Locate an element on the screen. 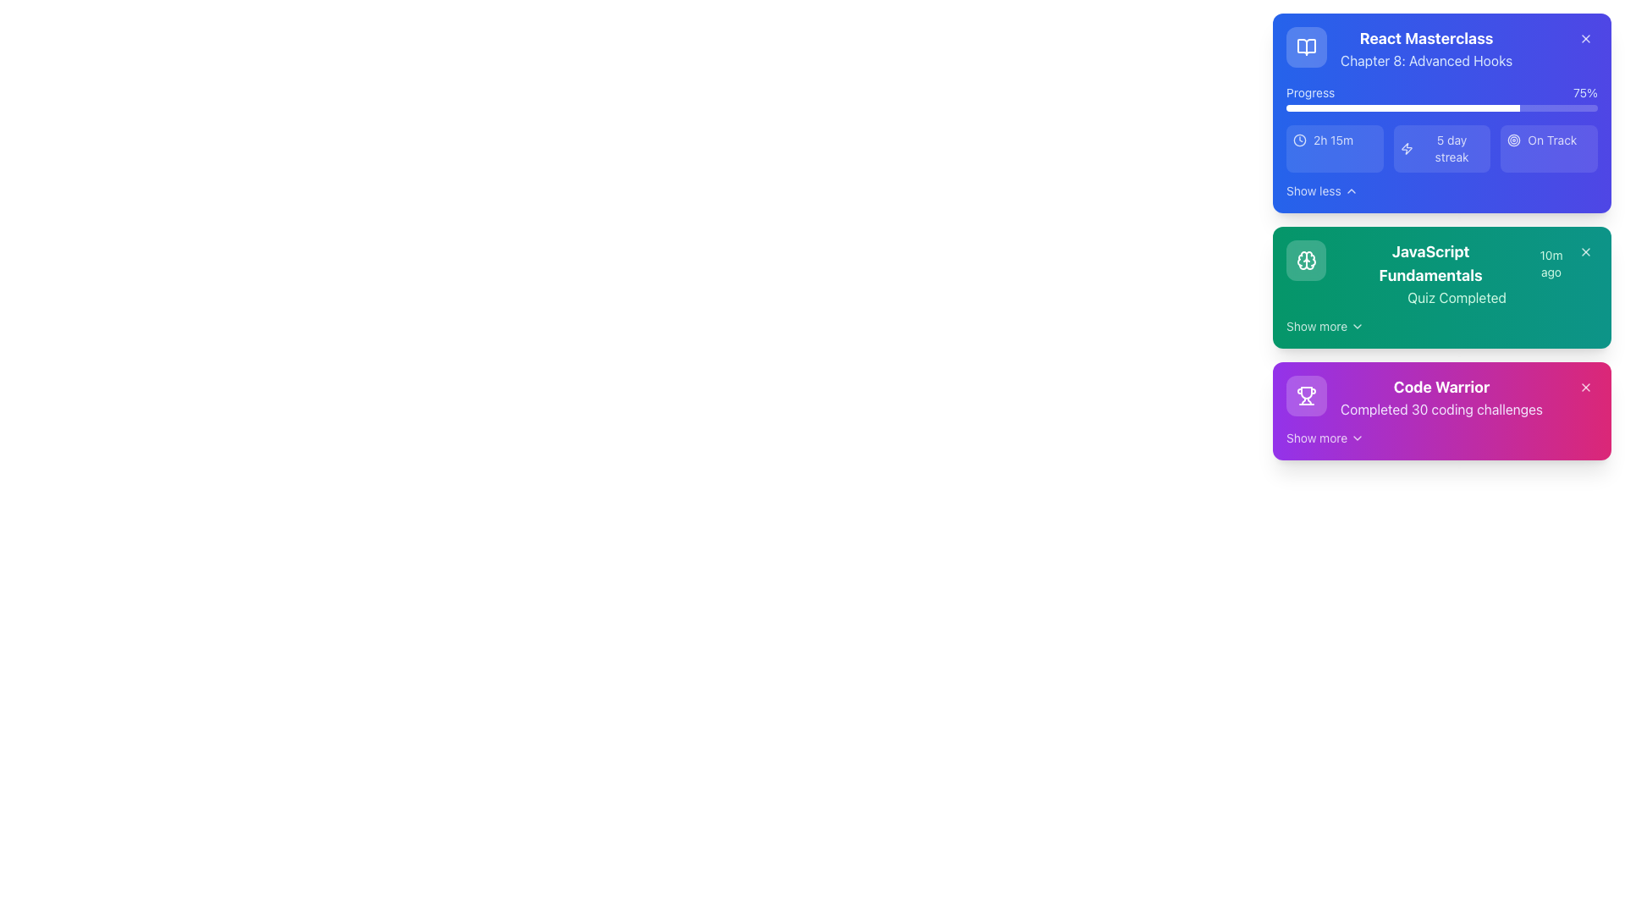 Image resolution: width=1625 pixels, height=914 pixels. the streak indicator label located in the upper right corner of the blue card labeled 'React Masterclass' is located at coordinates (1441, 148).